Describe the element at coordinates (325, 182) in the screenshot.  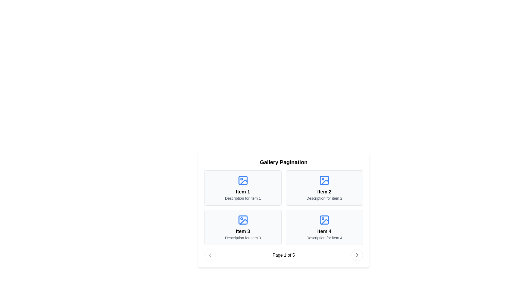
I see `the decorative graphical element within the second icon in the gallery interface, specifically Item 2 in the first row and second column` at that location.